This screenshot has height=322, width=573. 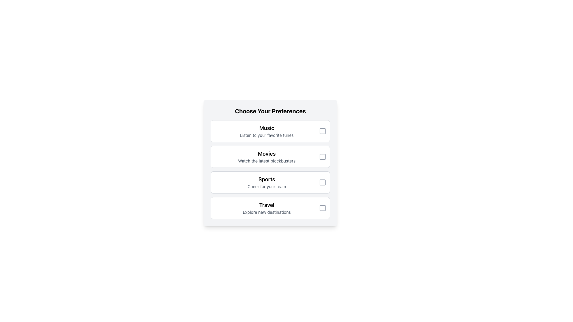 I want to click on the static text label that serves as the title for the 'Travel' card in the preference selection menu, so click(x=266, y=205).